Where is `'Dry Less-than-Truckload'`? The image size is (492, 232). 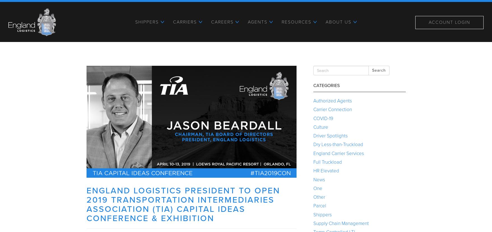
'Dry Less-than-Truckload' is located at coordinates (338, 144).